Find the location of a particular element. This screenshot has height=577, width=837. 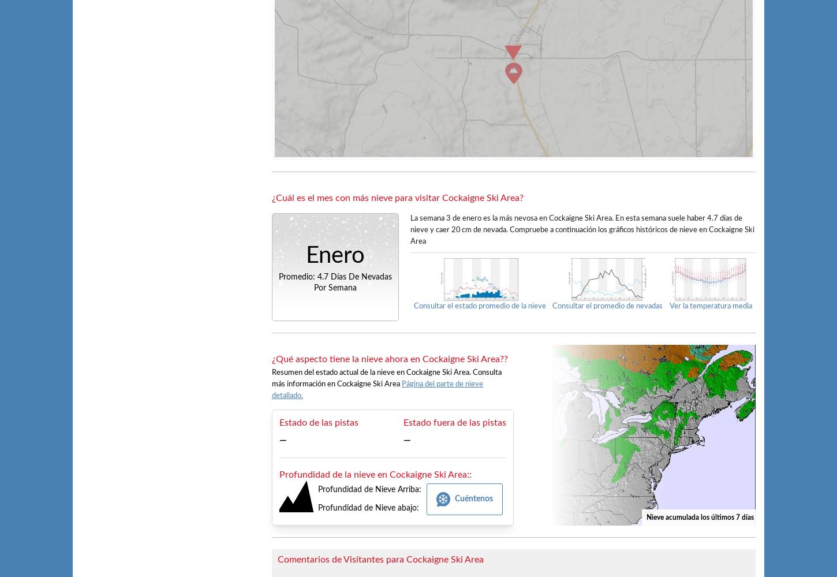

'Profundidad de Nieve' is located at coordinates (389, 187).